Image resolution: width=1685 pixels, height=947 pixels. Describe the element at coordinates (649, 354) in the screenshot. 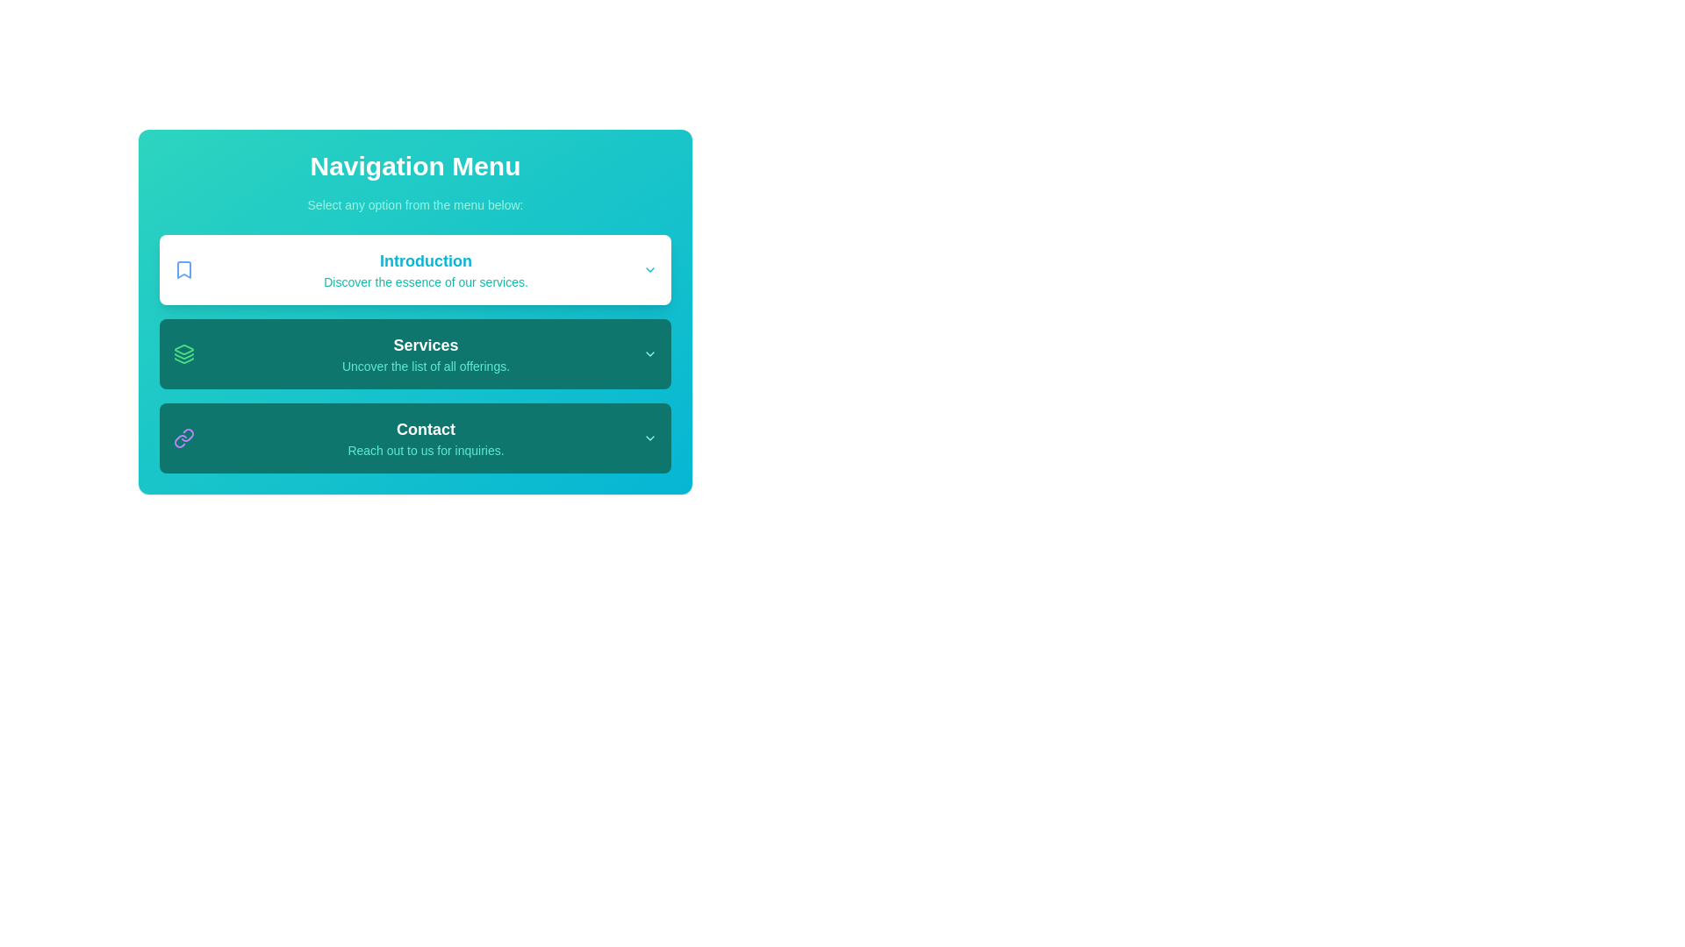

I see `the chevron down icon located at the rightmost end of the 'Services' button in the navigation menu` at that location.